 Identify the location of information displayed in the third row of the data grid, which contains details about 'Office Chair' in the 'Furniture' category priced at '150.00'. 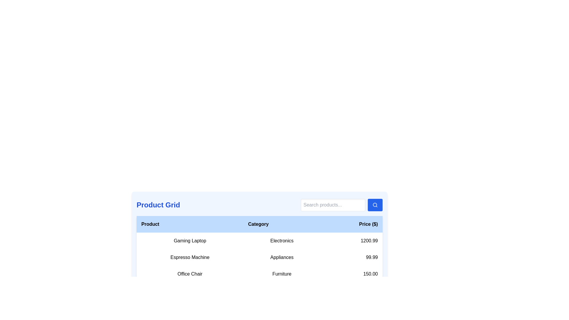
(259, 274).